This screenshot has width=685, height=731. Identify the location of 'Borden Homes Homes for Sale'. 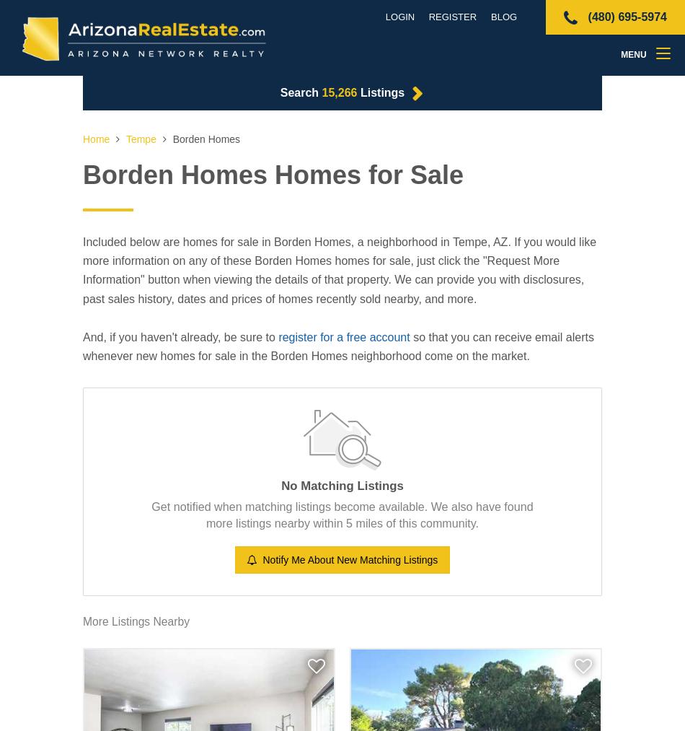
(272, 174).